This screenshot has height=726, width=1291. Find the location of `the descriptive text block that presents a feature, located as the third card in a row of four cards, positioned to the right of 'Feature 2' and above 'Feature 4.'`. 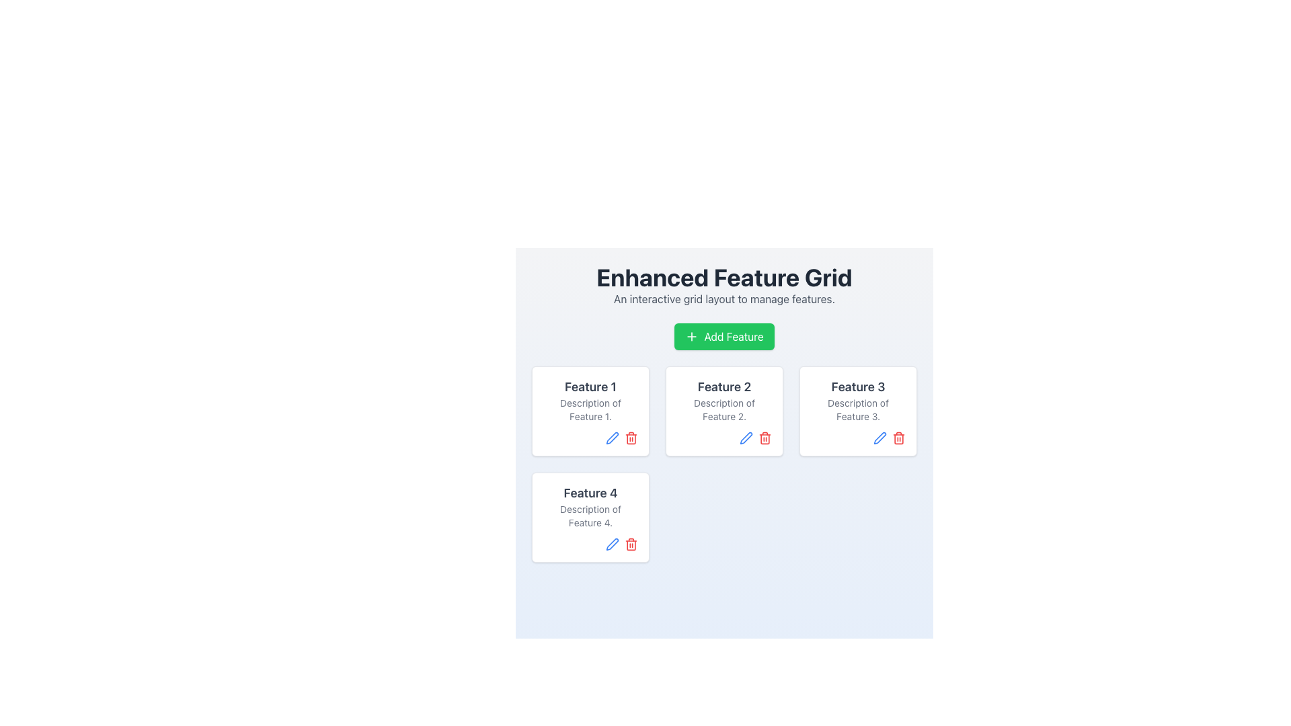

the descriptive text block that presents a feature, located as the third card in a row of four cards, positioned to the right of 'Feature 2' and above 'Feature 4.' is located at coordinates (857, 400).